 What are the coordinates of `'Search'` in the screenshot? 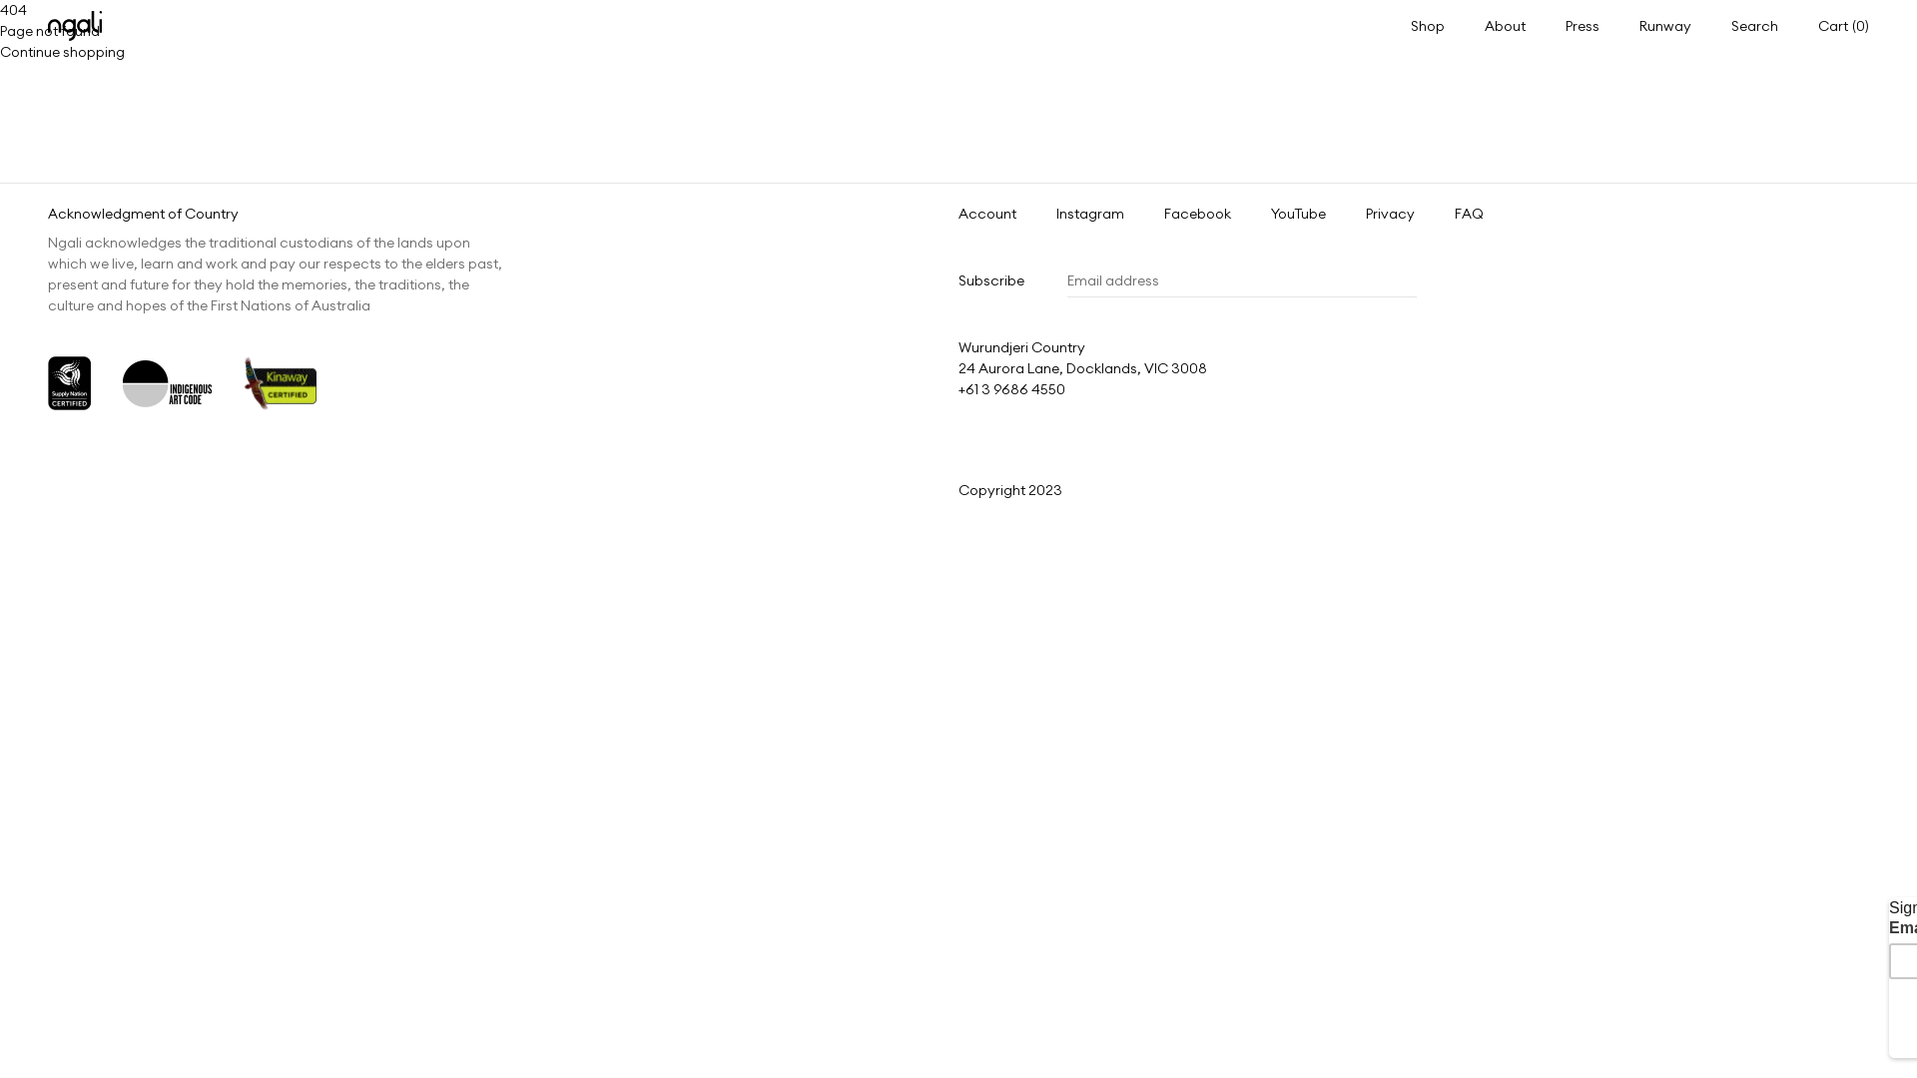 It's located at (1753, 26).